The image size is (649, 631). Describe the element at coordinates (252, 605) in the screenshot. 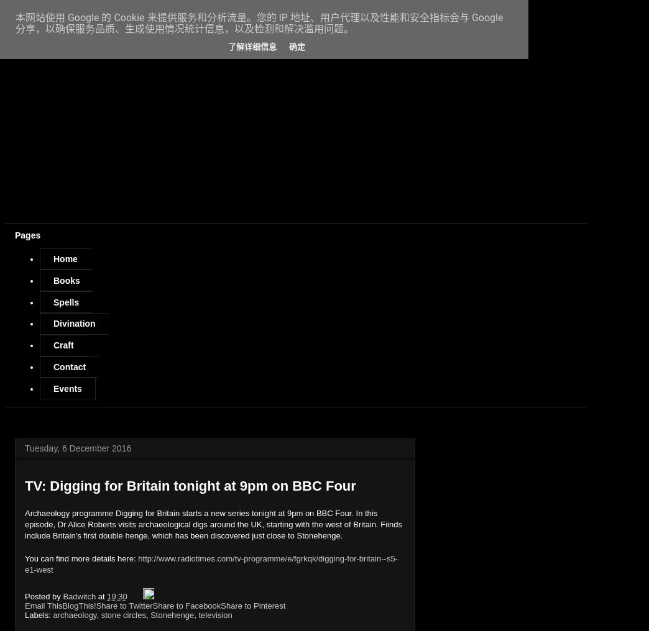

I see `'Share to Pinterest'` at that location.